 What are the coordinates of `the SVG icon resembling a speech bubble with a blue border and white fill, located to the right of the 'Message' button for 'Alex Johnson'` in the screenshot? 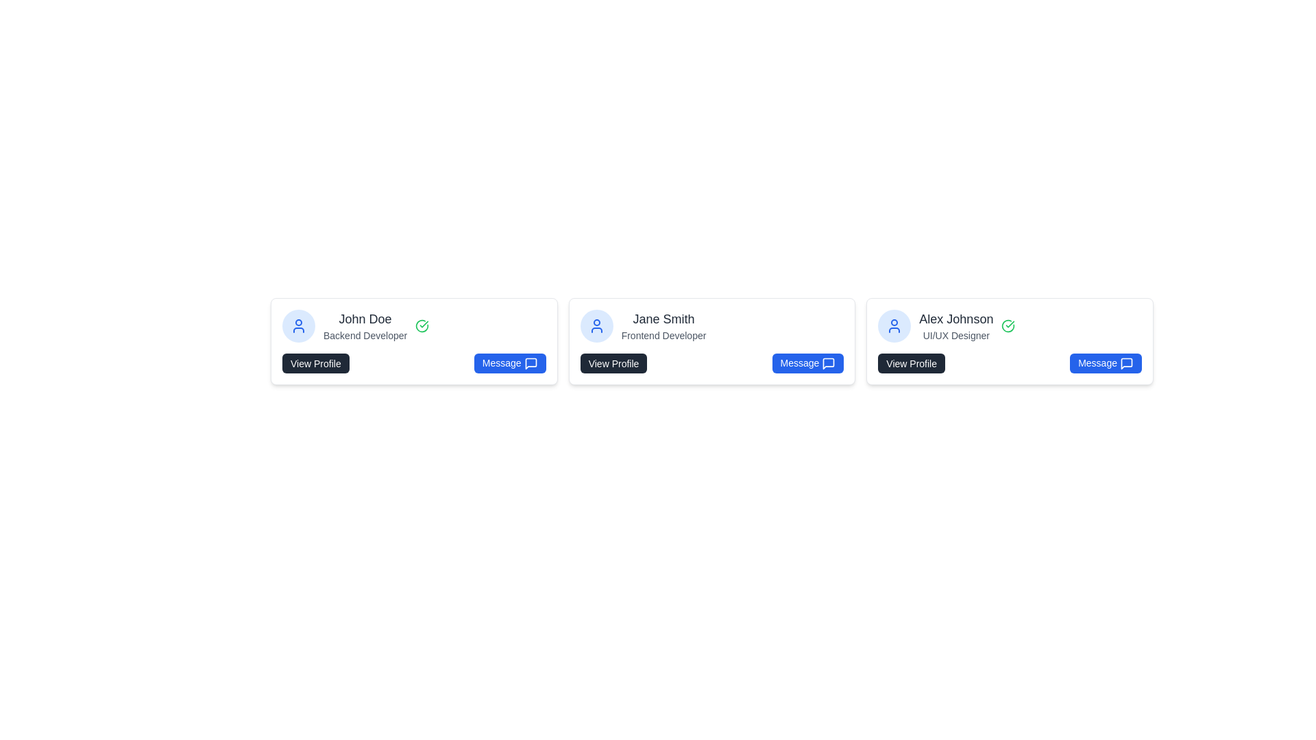 It's located at (1126, 363).